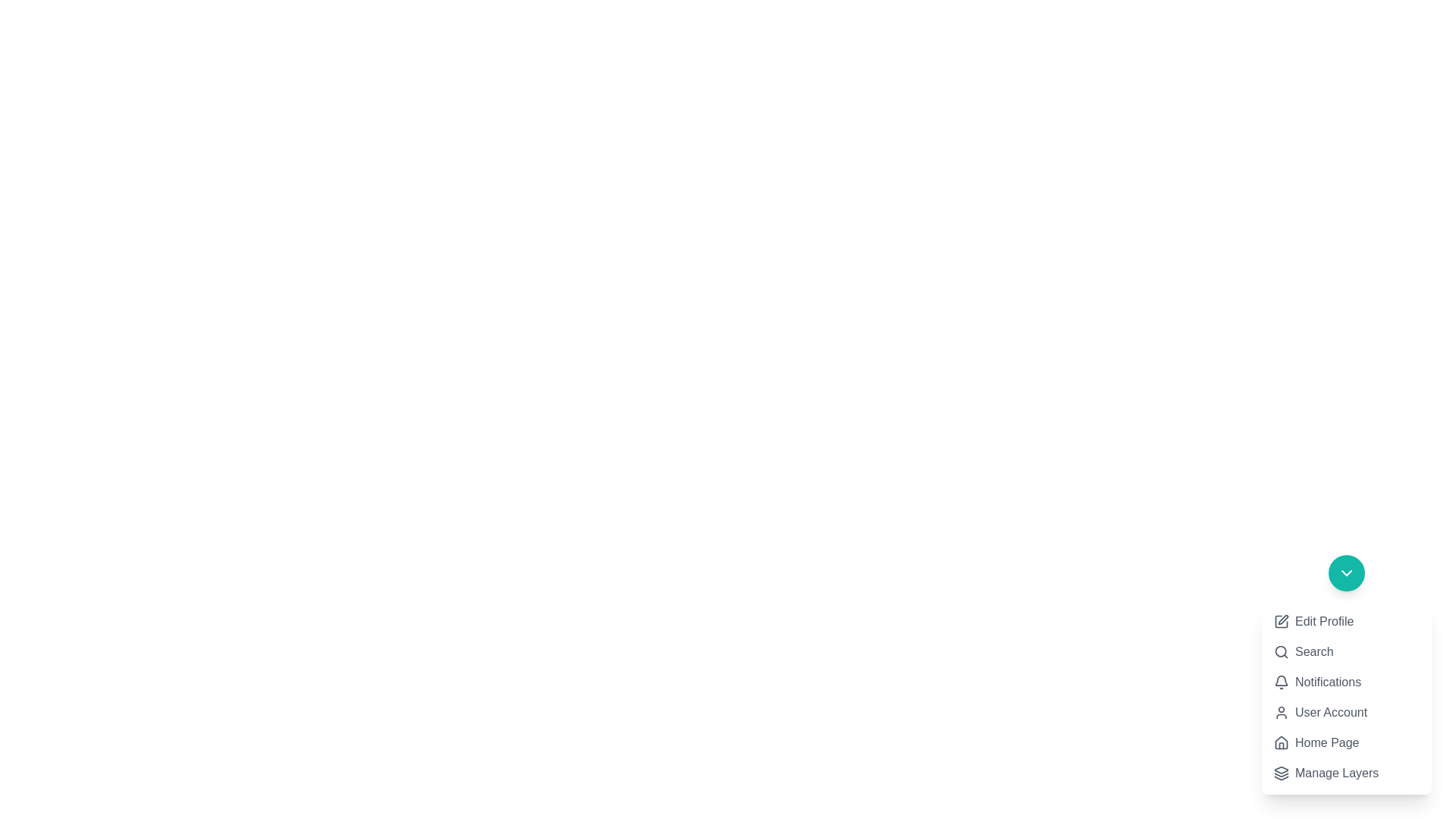 The height and width of the screenshot is (819, 1456). I want to click on the 'Home Page' text label in the dropdown menu, so click(1326, 742).